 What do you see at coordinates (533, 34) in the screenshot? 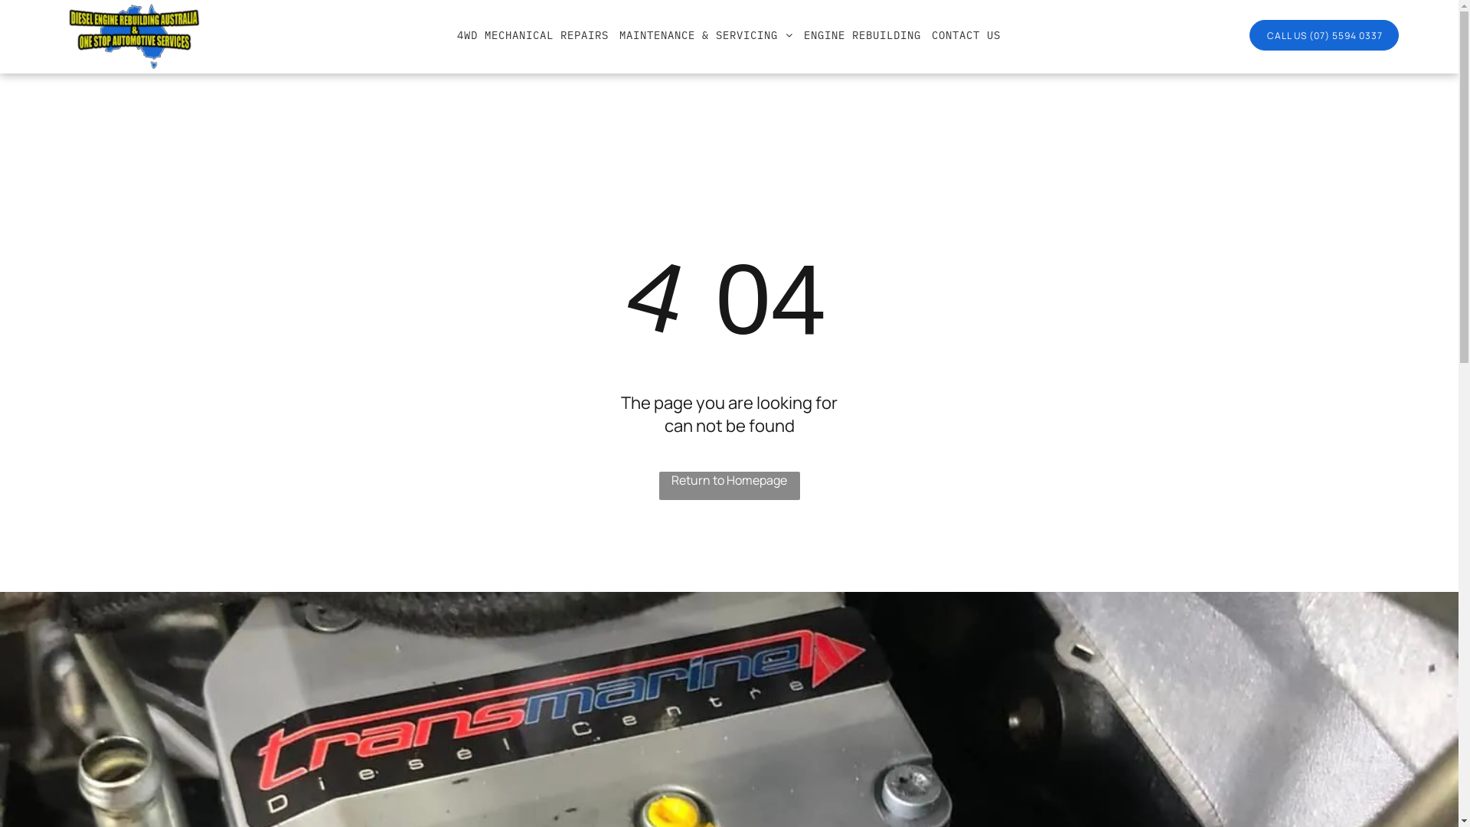
I see `'4WD MECHANICAL REPAIRS'` at bounding box center [533, 34].